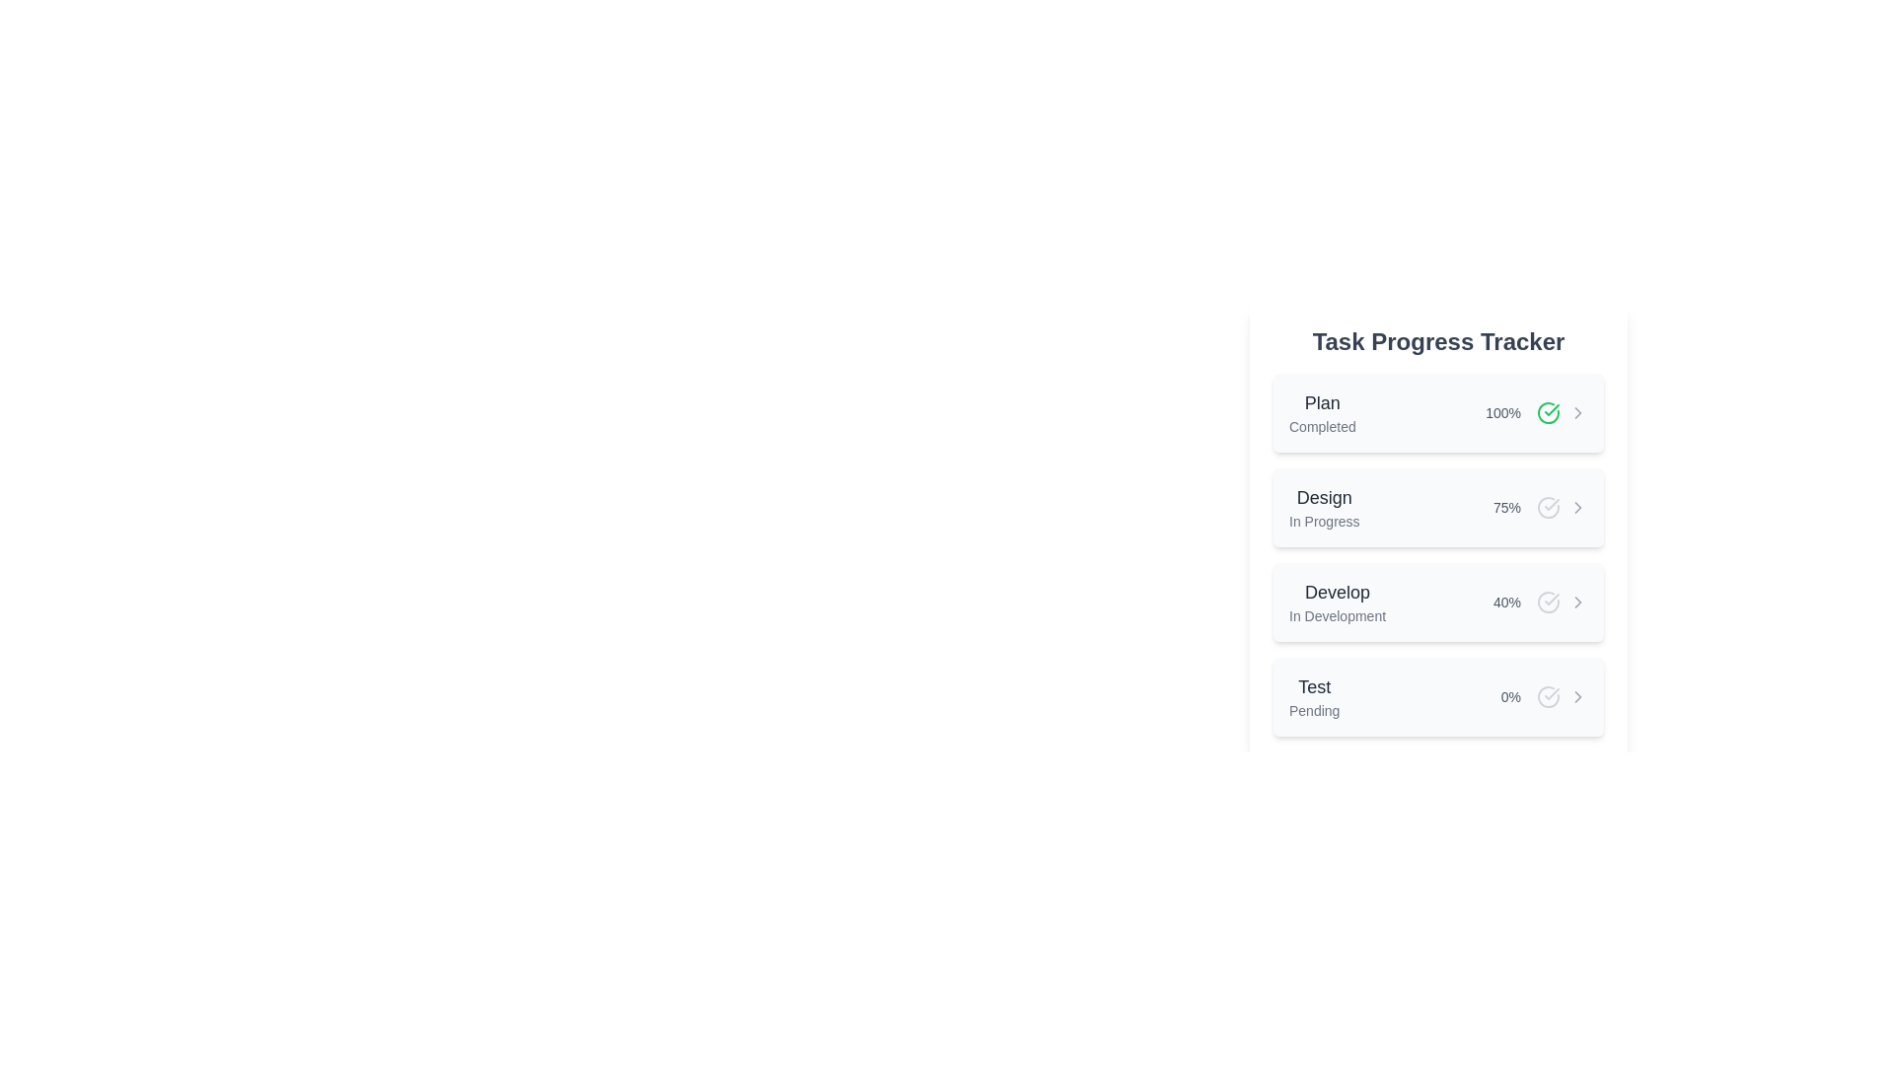  What do you see at coordinates (1438, 555) in the screenshot?
I see `the second card in the task progress tracker, which represents the 'Design' task, displaying its status and completion percentage` at bounding box center [1438, 555].